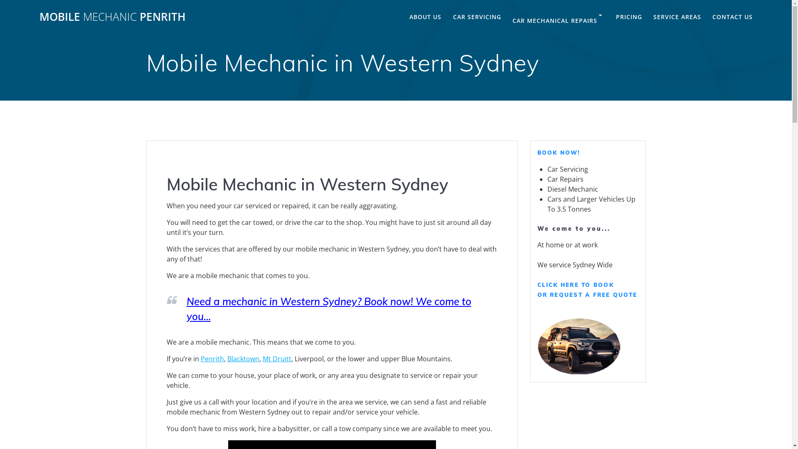  What do you see at coordinates (262, 358) in the screenshot?
I see `'Mt Druitt'` at bounding box center [262, 358].